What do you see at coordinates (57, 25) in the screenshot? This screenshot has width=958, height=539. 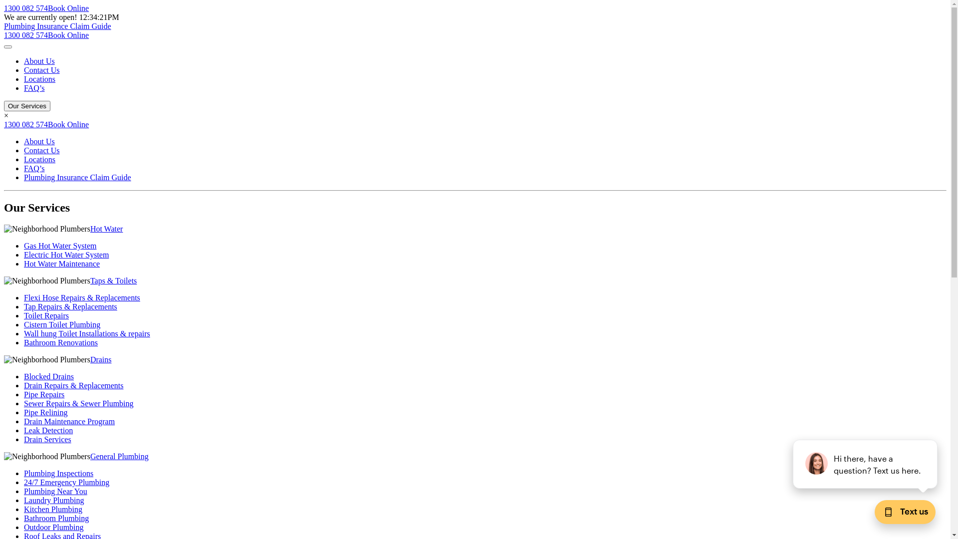 I see `'Plumbing Insurance Claim Guide'` at bounding box center [57, 25].